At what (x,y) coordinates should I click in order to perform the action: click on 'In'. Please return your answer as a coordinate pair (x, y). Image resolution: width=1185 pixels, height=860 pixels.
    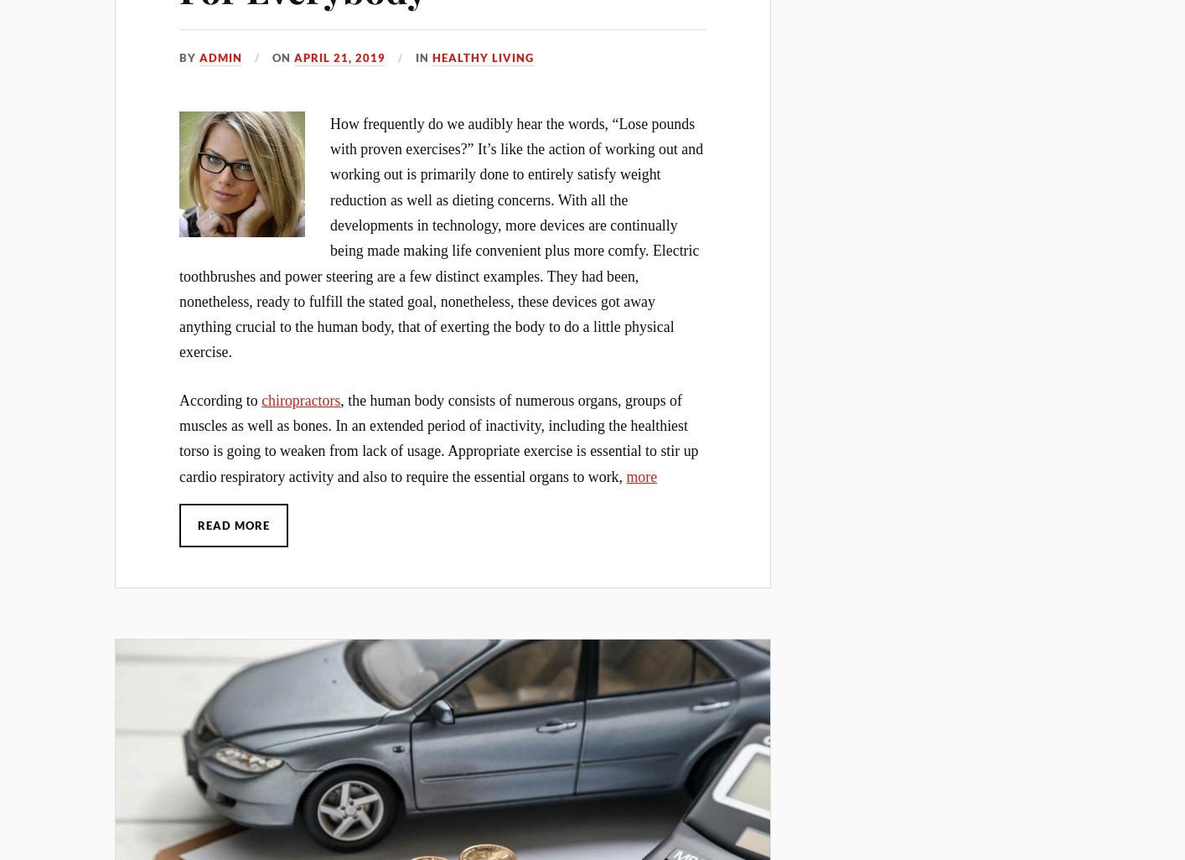
    Looking at the image, I should click on (423, 57).